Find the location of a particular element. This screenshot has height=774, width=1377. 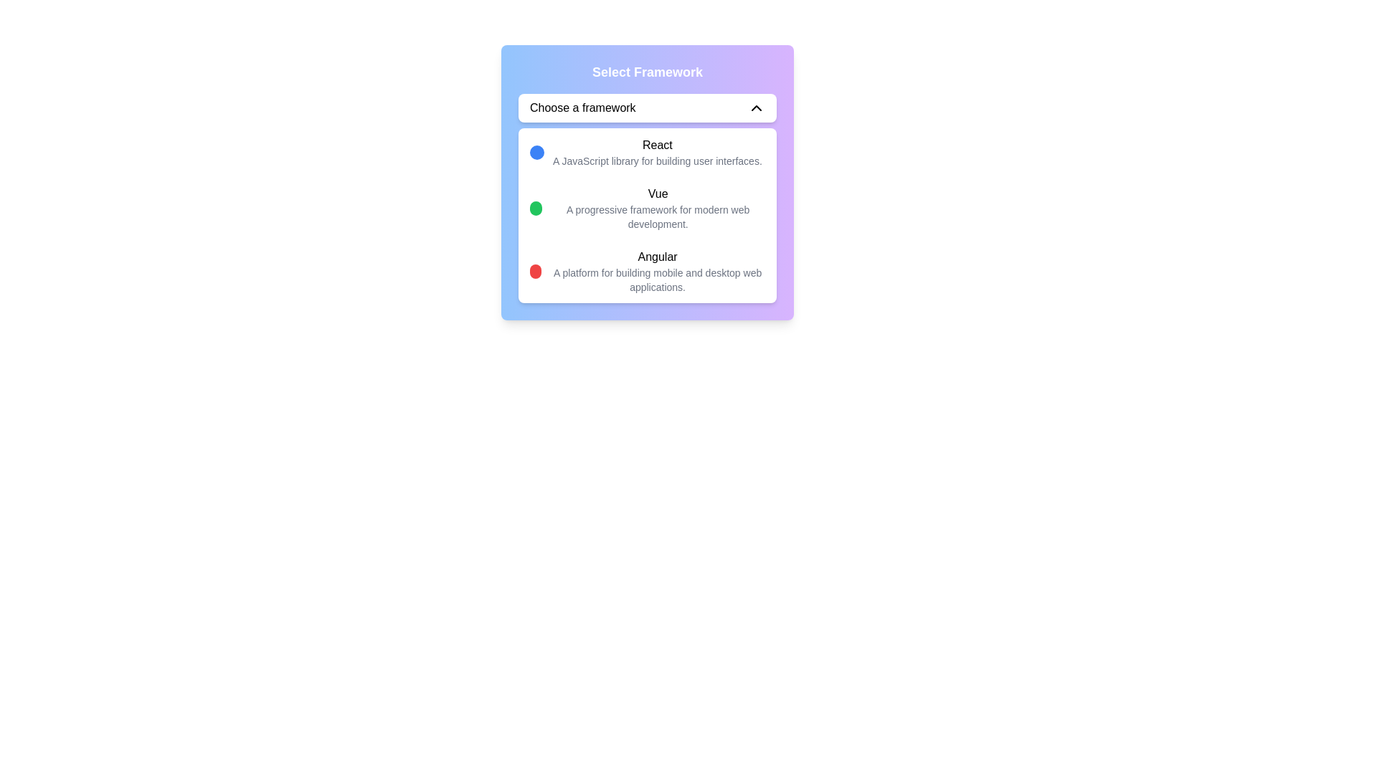

text label 'Choose a framework' which is displayed in bold font in the upper section of the dropdown menu interface with a gradient-blue background is located at coordinates (582, 107).